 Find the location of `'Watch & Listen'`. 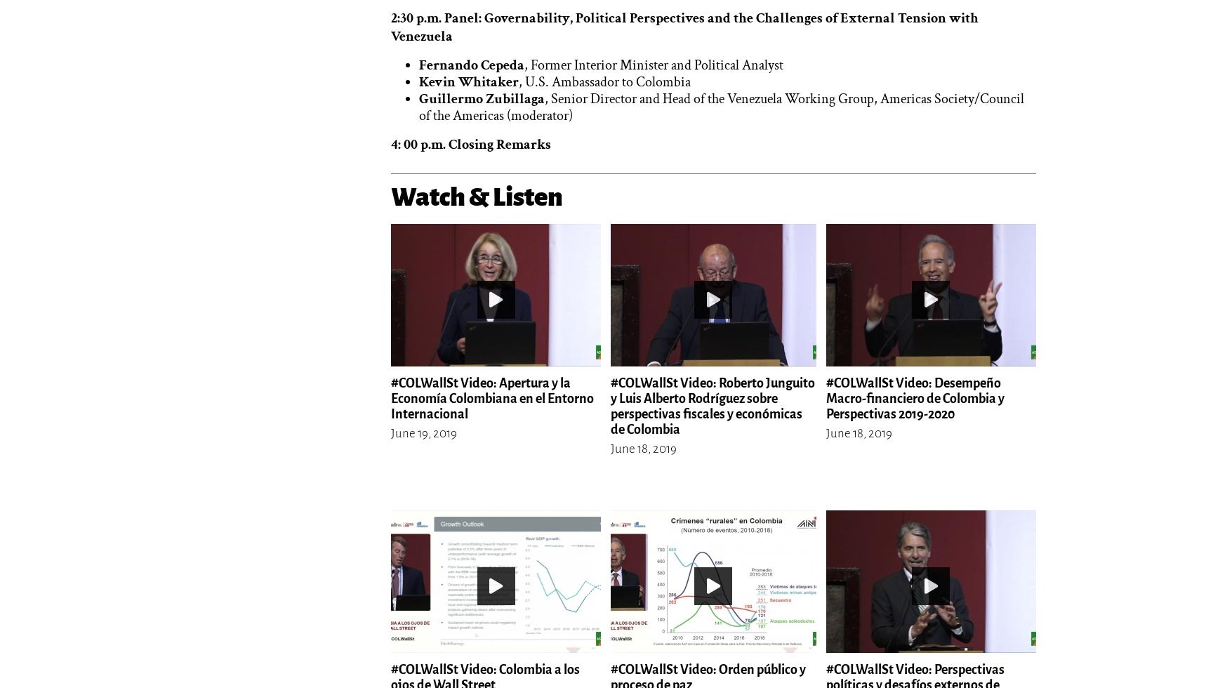

'Watch & Listen' is located at coordinates (477, 196).